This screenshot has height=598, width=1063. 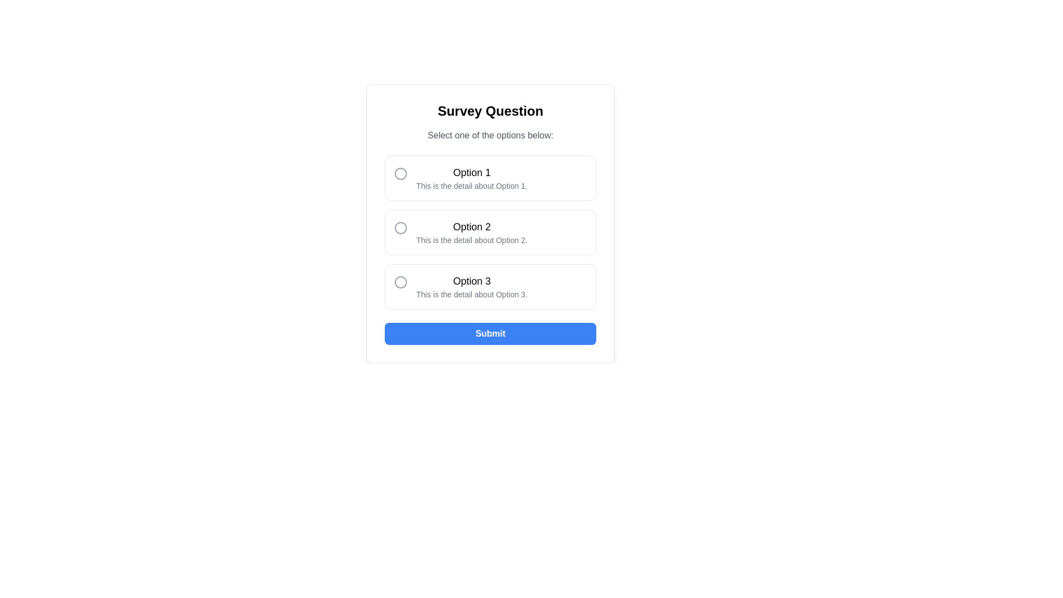 I want to click on the circular checkbox indicator next to 'Option 3' to observe any transition effects, so click(x=400, y=281).